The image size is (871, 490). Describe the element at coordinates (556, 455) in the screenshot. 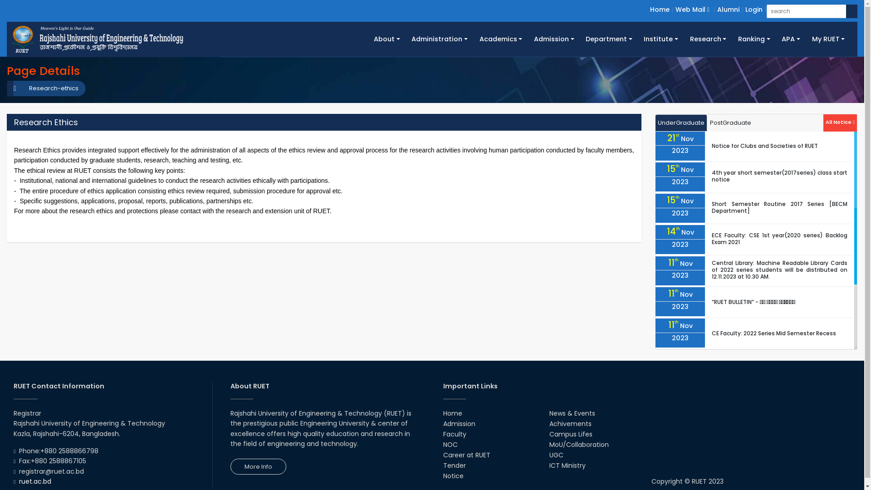

I see `'UGC'` at that location.